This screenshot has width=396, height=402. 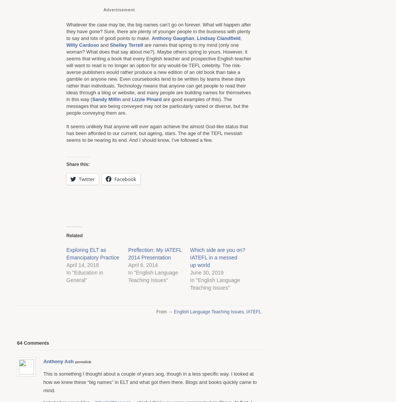 I want to click on 'IATEFL', so click(x=253, y=311).